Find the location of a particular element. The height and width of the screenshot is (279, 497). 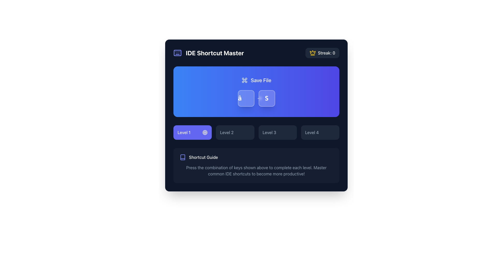

the text display showing the user's current streak count, located at the top-right corner next to the 'IDE Shortcut Master' heading is located at coordinates (322, 53).